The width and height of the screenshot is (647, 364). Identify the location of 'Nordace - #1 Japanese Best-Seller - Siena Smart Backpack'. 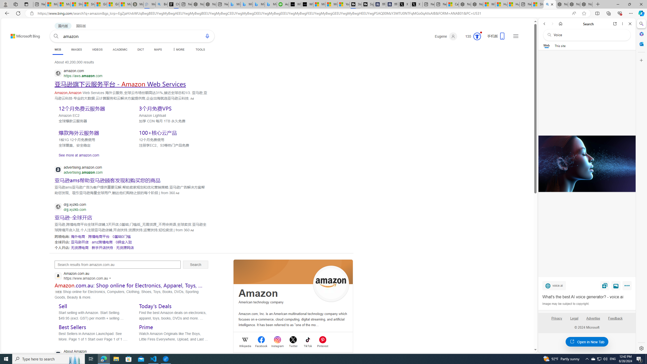
(210, 4).